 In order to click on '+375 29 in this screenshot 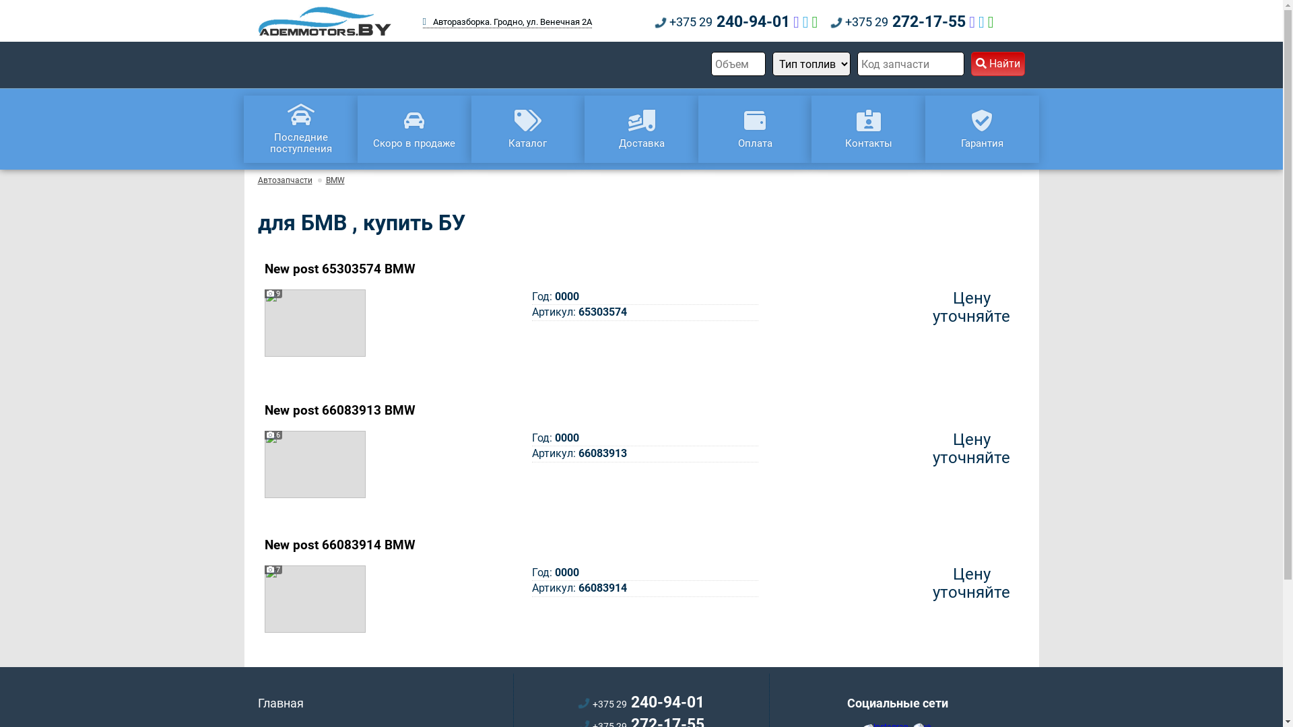, I will do `click(655, 22)`.